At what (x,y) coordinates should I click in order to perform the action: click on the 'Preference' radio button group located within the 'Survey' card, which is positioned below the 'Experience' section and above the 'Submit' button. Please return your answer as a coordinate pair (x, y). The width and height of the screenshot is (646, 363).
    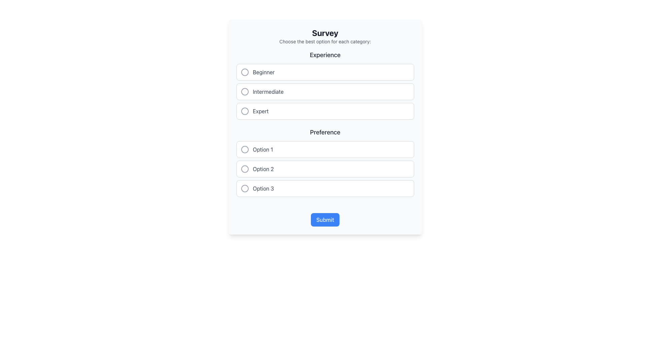
    Looking at the image, I should click on (325, 162).